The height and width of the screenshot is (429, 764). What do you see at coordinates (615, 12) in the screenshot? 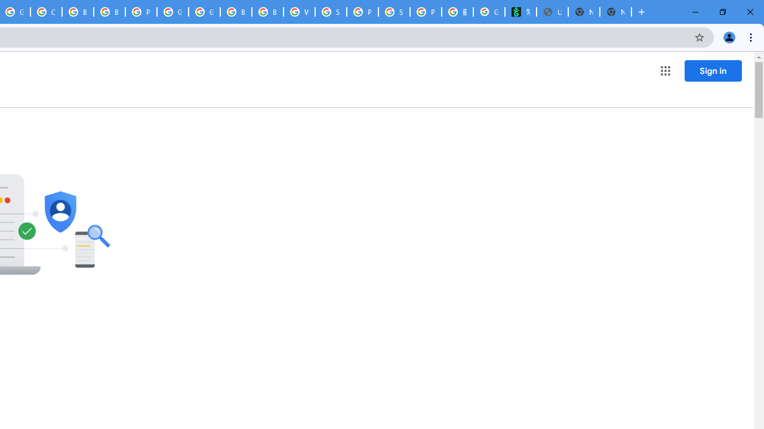
I see `'New Tab'` at bounding box center [615, 12].